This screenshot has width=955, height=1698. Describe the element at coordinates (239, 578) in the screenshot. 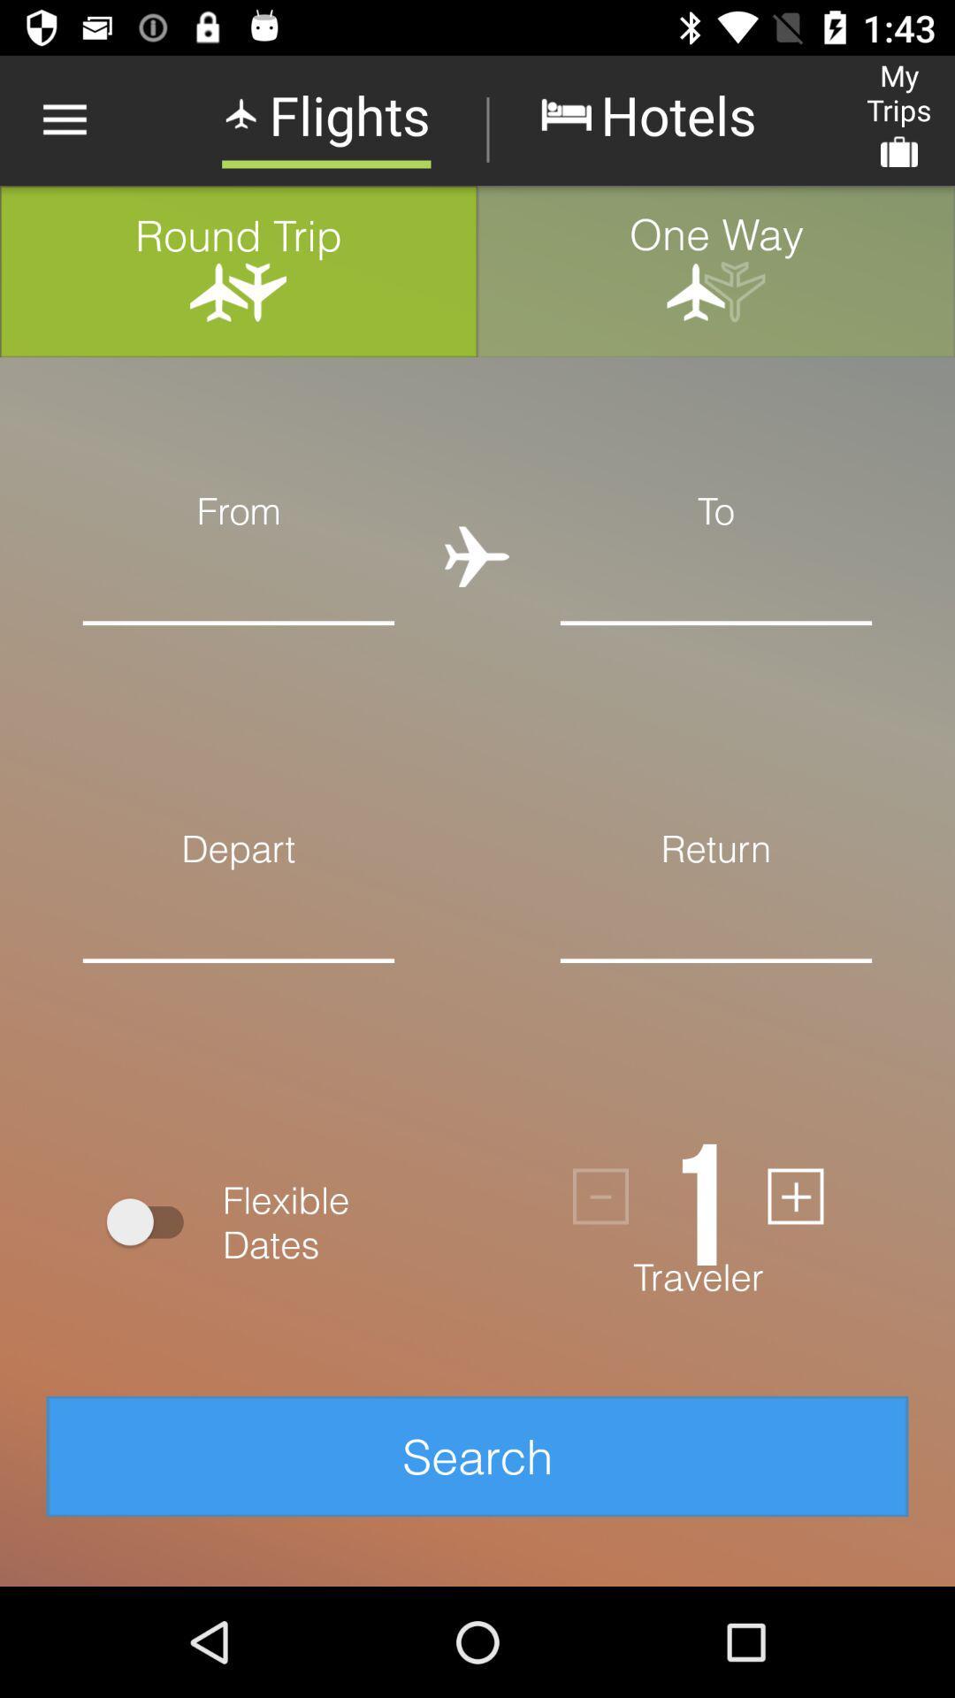

I see `icon below the from` at that location.